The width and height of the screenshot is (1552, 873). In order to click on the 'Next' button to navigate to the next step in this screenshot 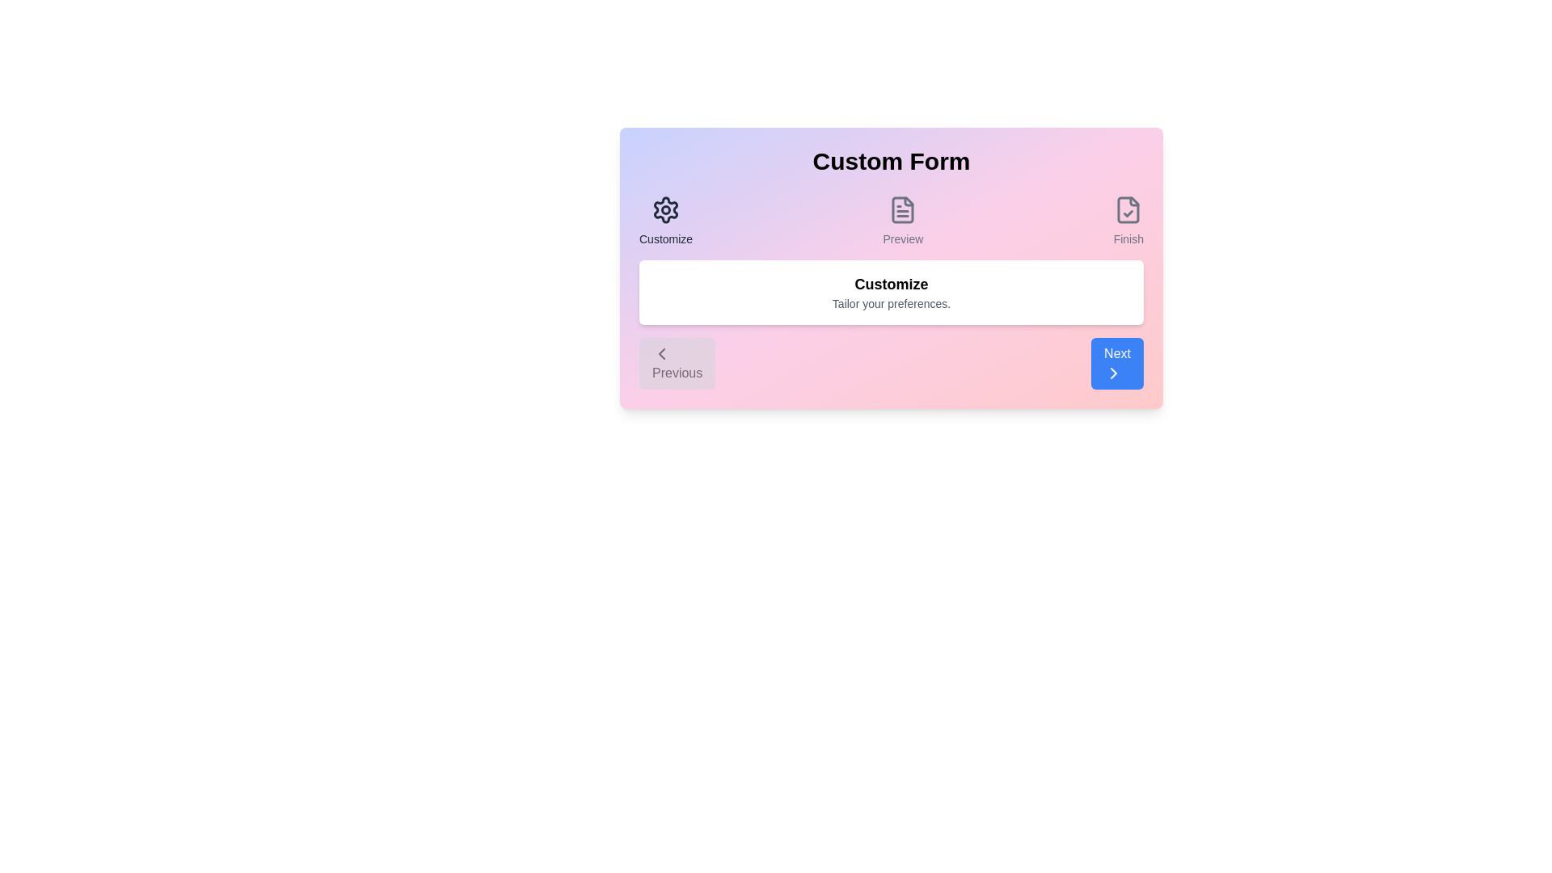, I will do `click(1116, 364)`.